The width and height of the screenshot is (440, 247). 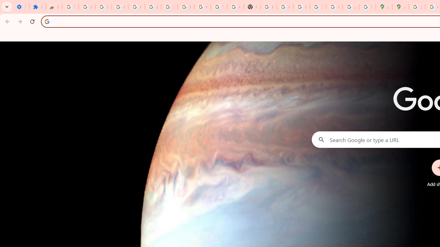 What do you see at coordinates (53, 7) in the screenshot?
I see `'Reviews: Helix Fruit Jump Arcade Game'` at bounding box center [53, 7].